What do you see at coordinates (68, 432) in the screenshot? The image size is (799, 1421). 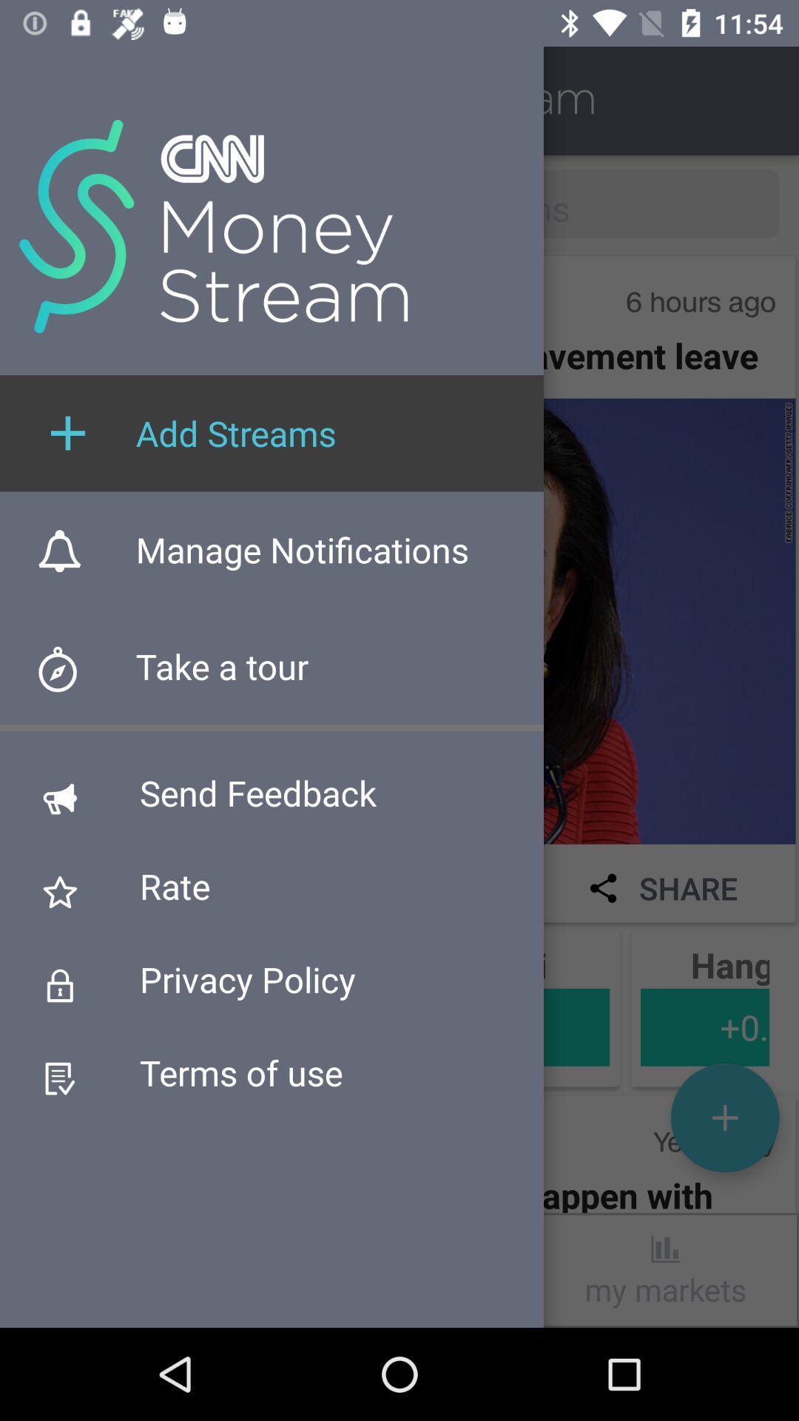 I see `the icon left to add streams` at bounding box center [68, 432].